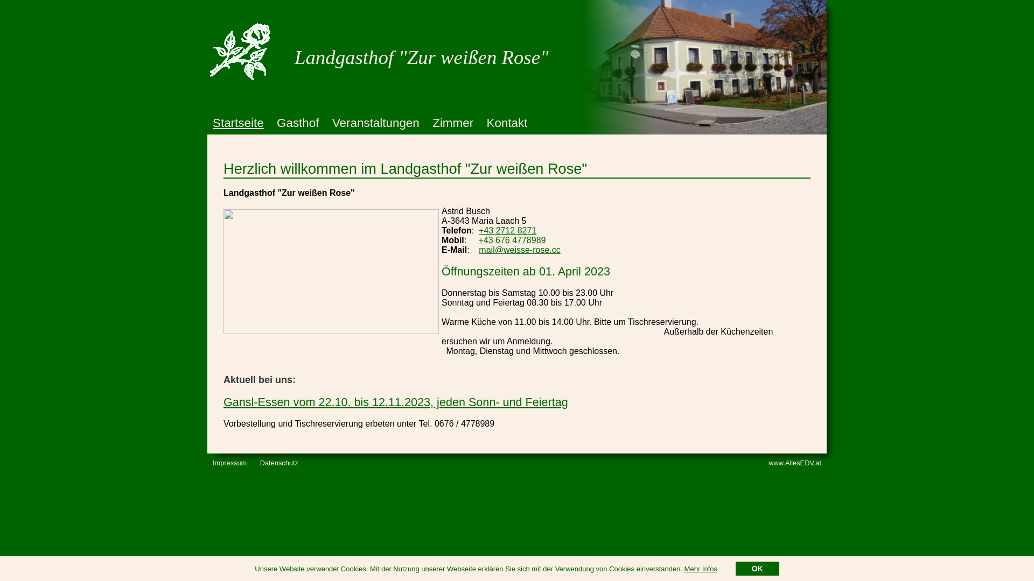  What do you see at coordinates (297, 122) in the screenshot?
I see `'Gasthof'` at bounding box center [297, 122].